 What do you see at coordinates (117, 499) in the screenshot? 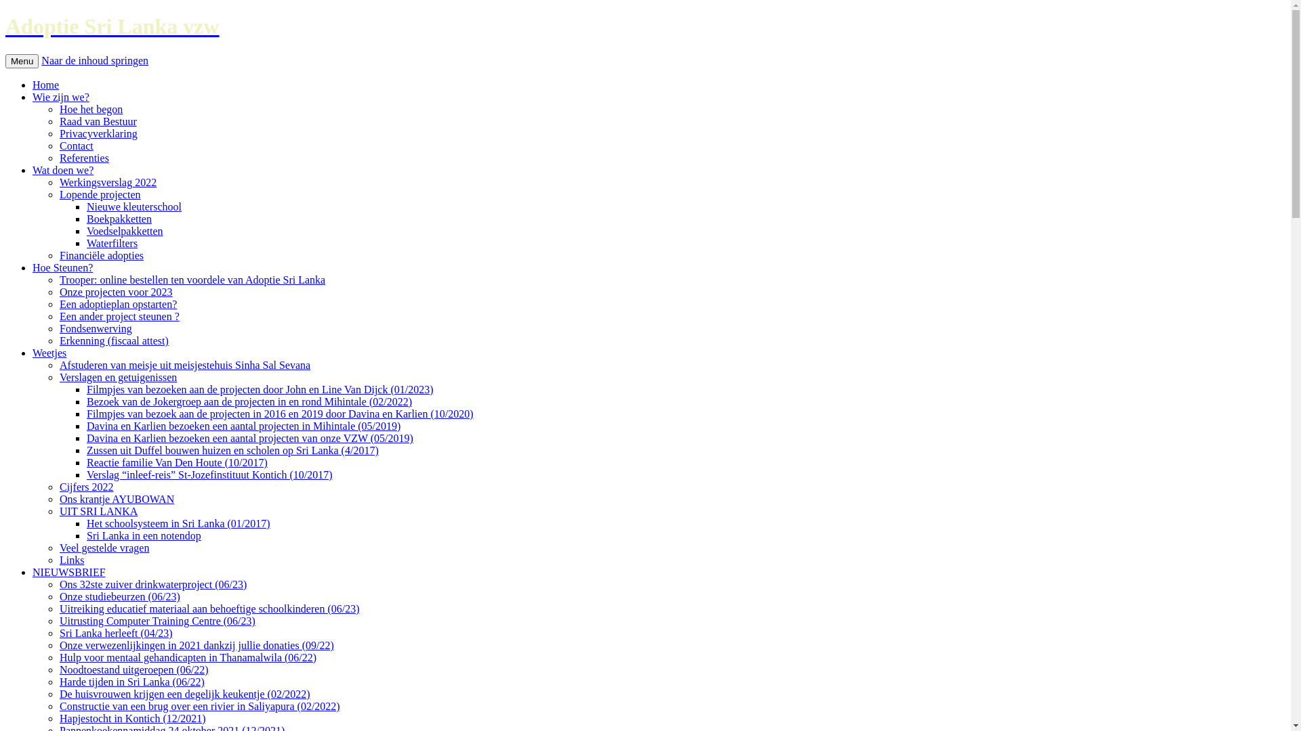
I see `'Ons krantje AYUBOWAN'` at bounding box center [117, 499].